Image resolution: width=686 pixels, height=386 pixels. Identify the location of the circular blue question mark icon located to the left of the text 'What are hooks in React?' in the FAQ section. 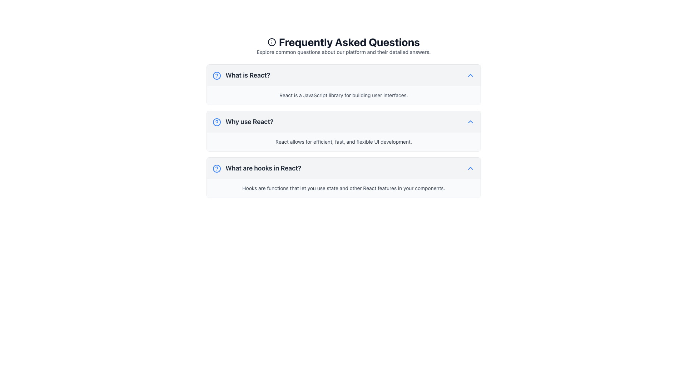
(216, 168).